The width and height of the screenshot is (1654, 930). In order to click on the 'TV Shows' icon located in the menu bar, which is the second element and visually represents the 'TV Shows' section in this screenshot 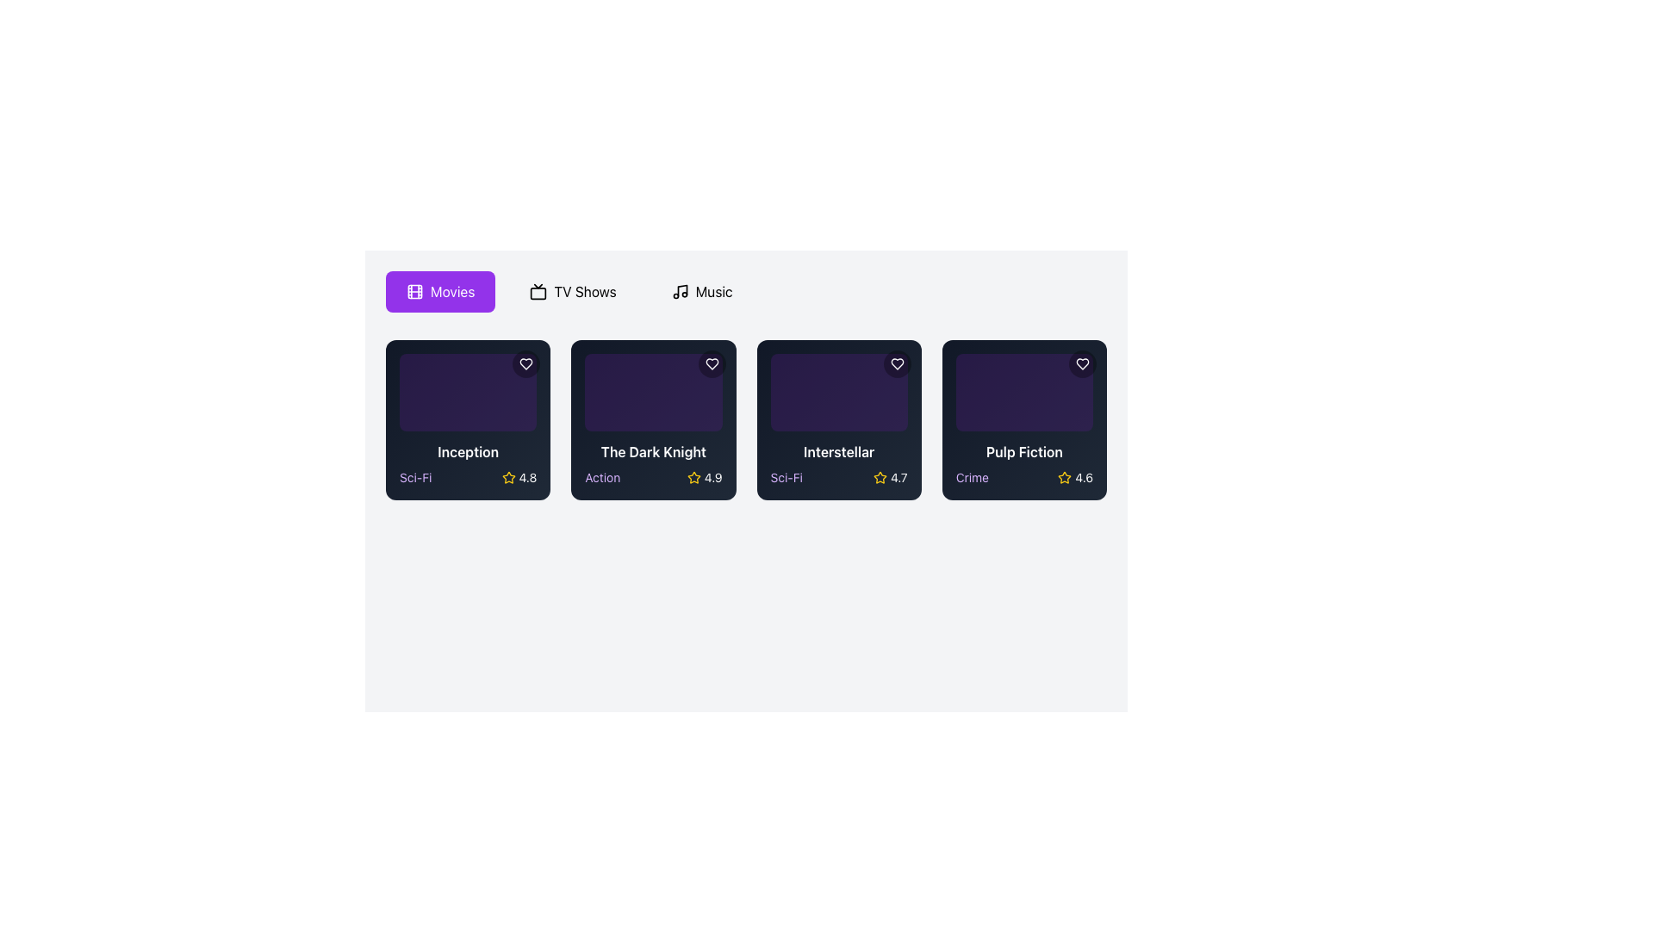, I will do `click(538, 291)`.